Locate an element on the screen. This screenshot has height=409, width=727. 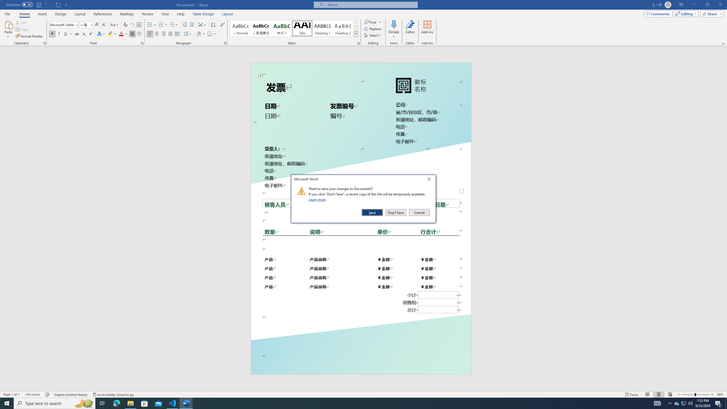
'Increase Indent' is located at coordinates (191, 25).